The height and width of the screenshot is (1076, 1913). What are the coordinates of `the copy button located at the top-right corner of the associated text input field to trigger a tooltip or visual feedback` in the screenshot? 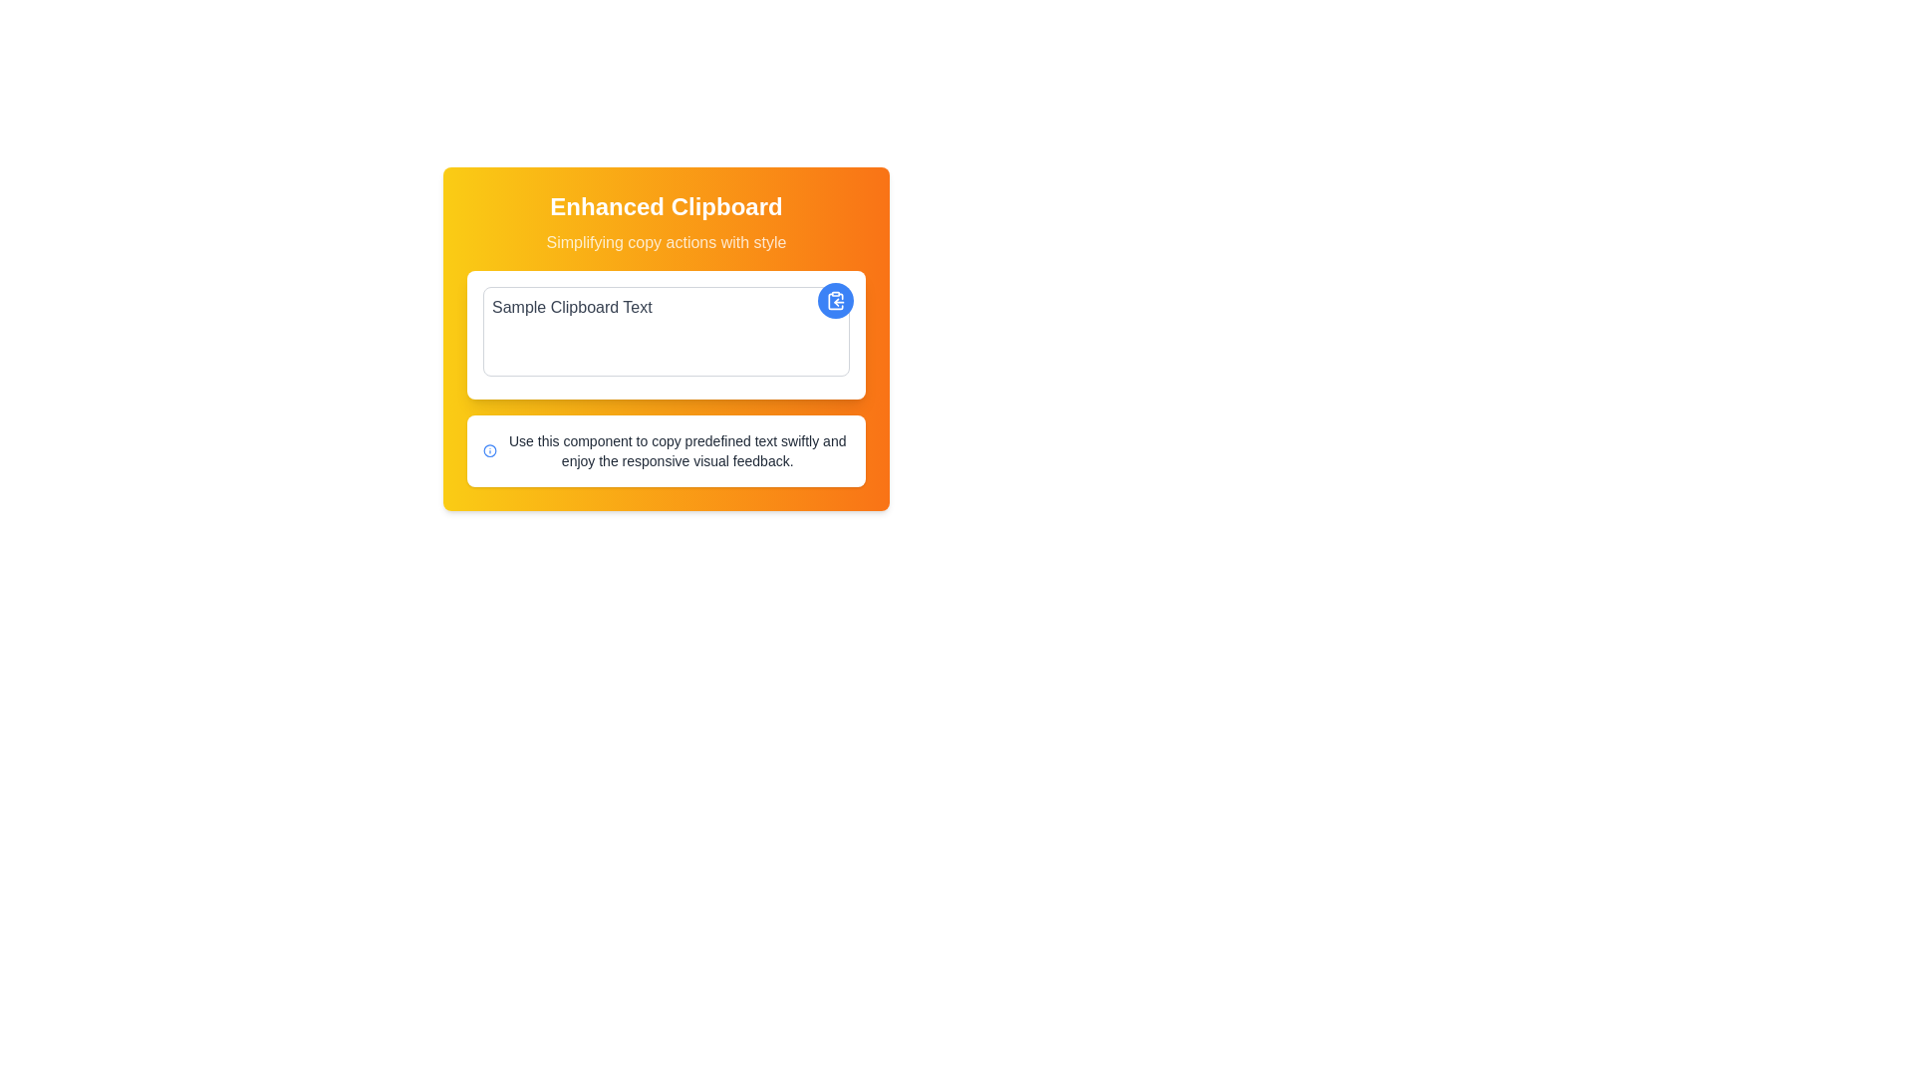 It's located at (836, 300).